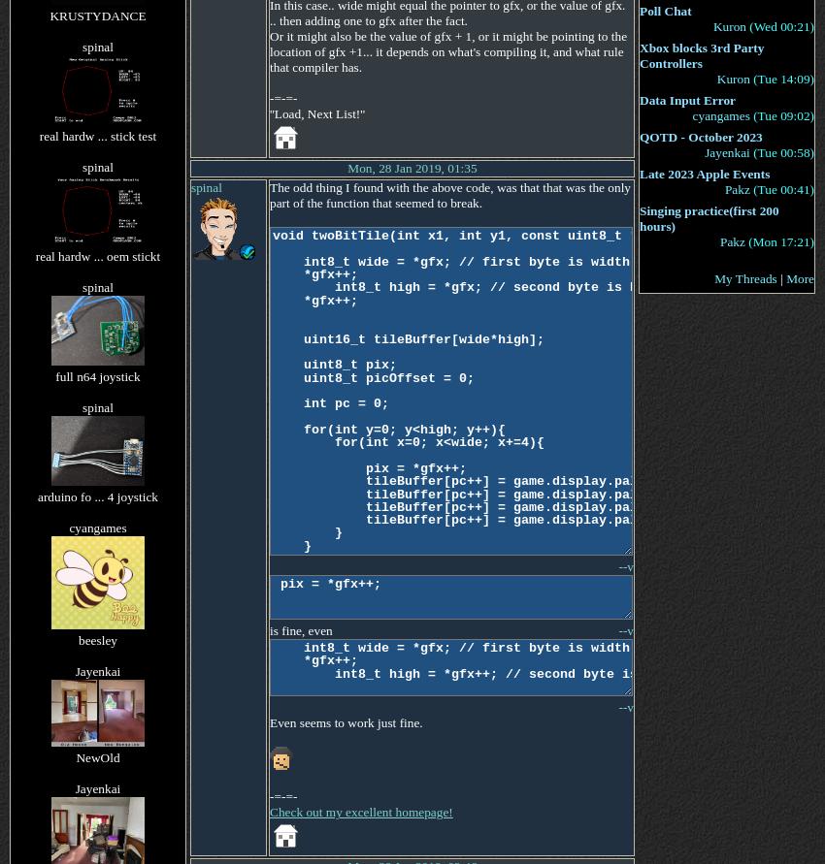 The image size is (825, 864). What do you see at coordinates (747, 241) in the screenshot?
I see `'(Mon 17:21)'` at bounding box center [747, 241].